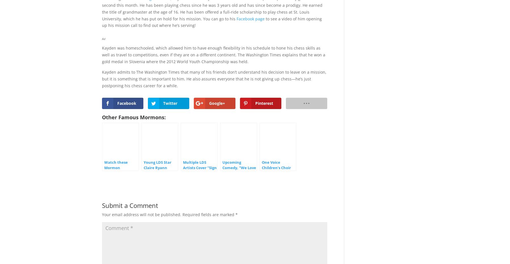 Image resolution: width=510 pixels, height=264 pixels. What do you see at coordinates (212, 22) in the screenshot?
I see `'to see a video of him opening up his mission call to find out where he’s serving!'` at bounding box center [212, 22].